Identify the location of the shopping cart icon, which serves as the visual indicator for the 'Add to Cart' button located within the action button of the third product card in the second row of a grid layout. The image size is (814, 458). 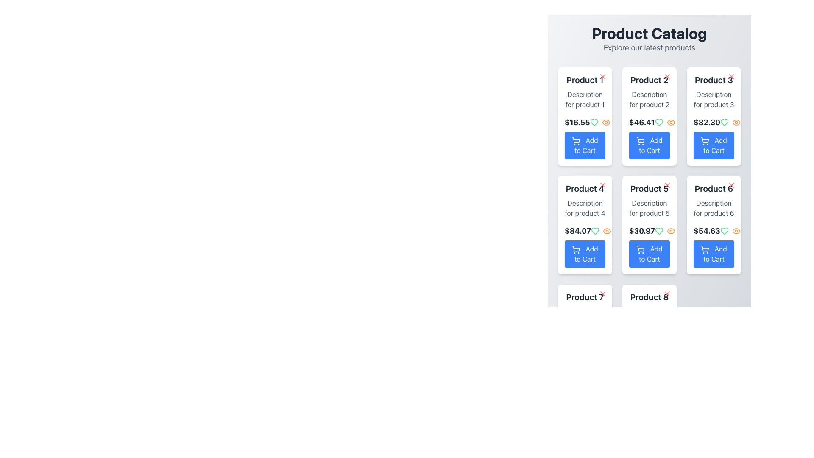
(705, 248).